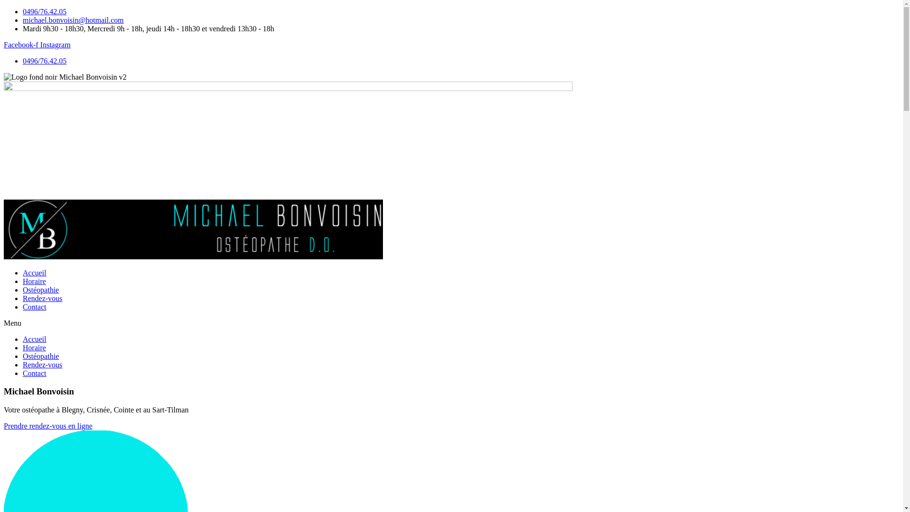  I want to click on 'Instagram', so click(55, 45).